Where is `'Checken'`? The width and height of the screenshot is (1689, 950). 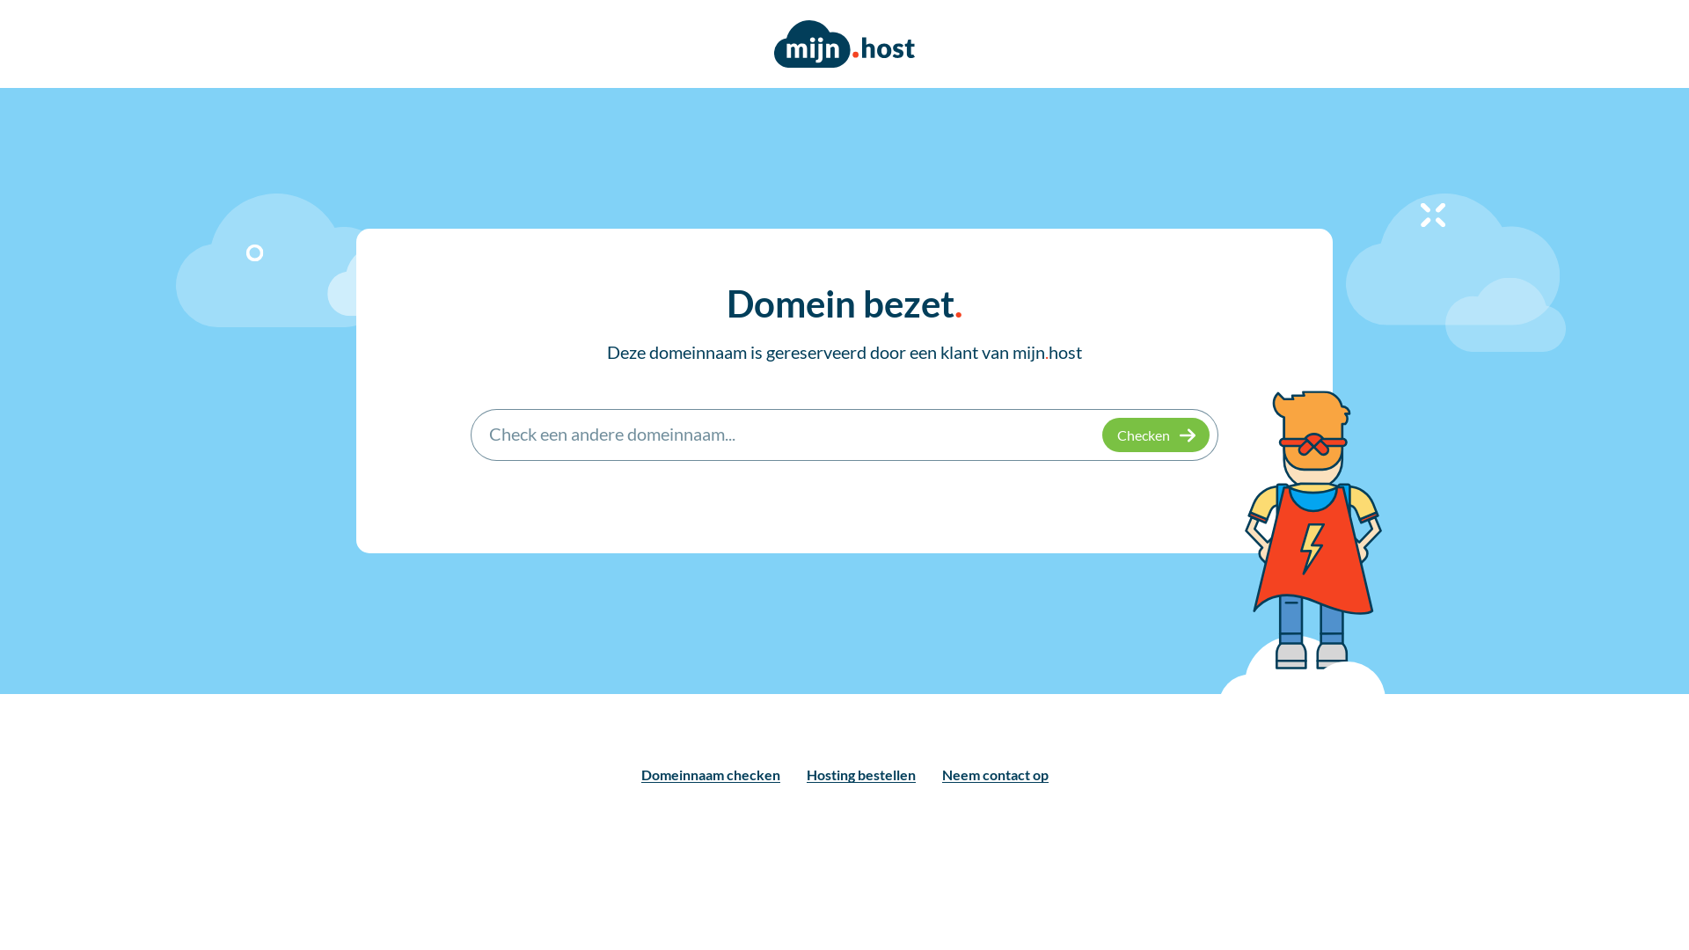
'Checken' is located at coordinates (1156, 435).